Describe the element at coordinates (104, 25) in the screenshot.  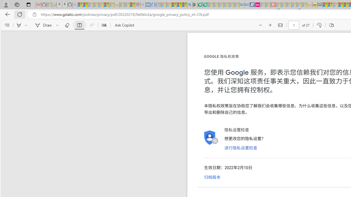
I see `'Translate'` at that location.